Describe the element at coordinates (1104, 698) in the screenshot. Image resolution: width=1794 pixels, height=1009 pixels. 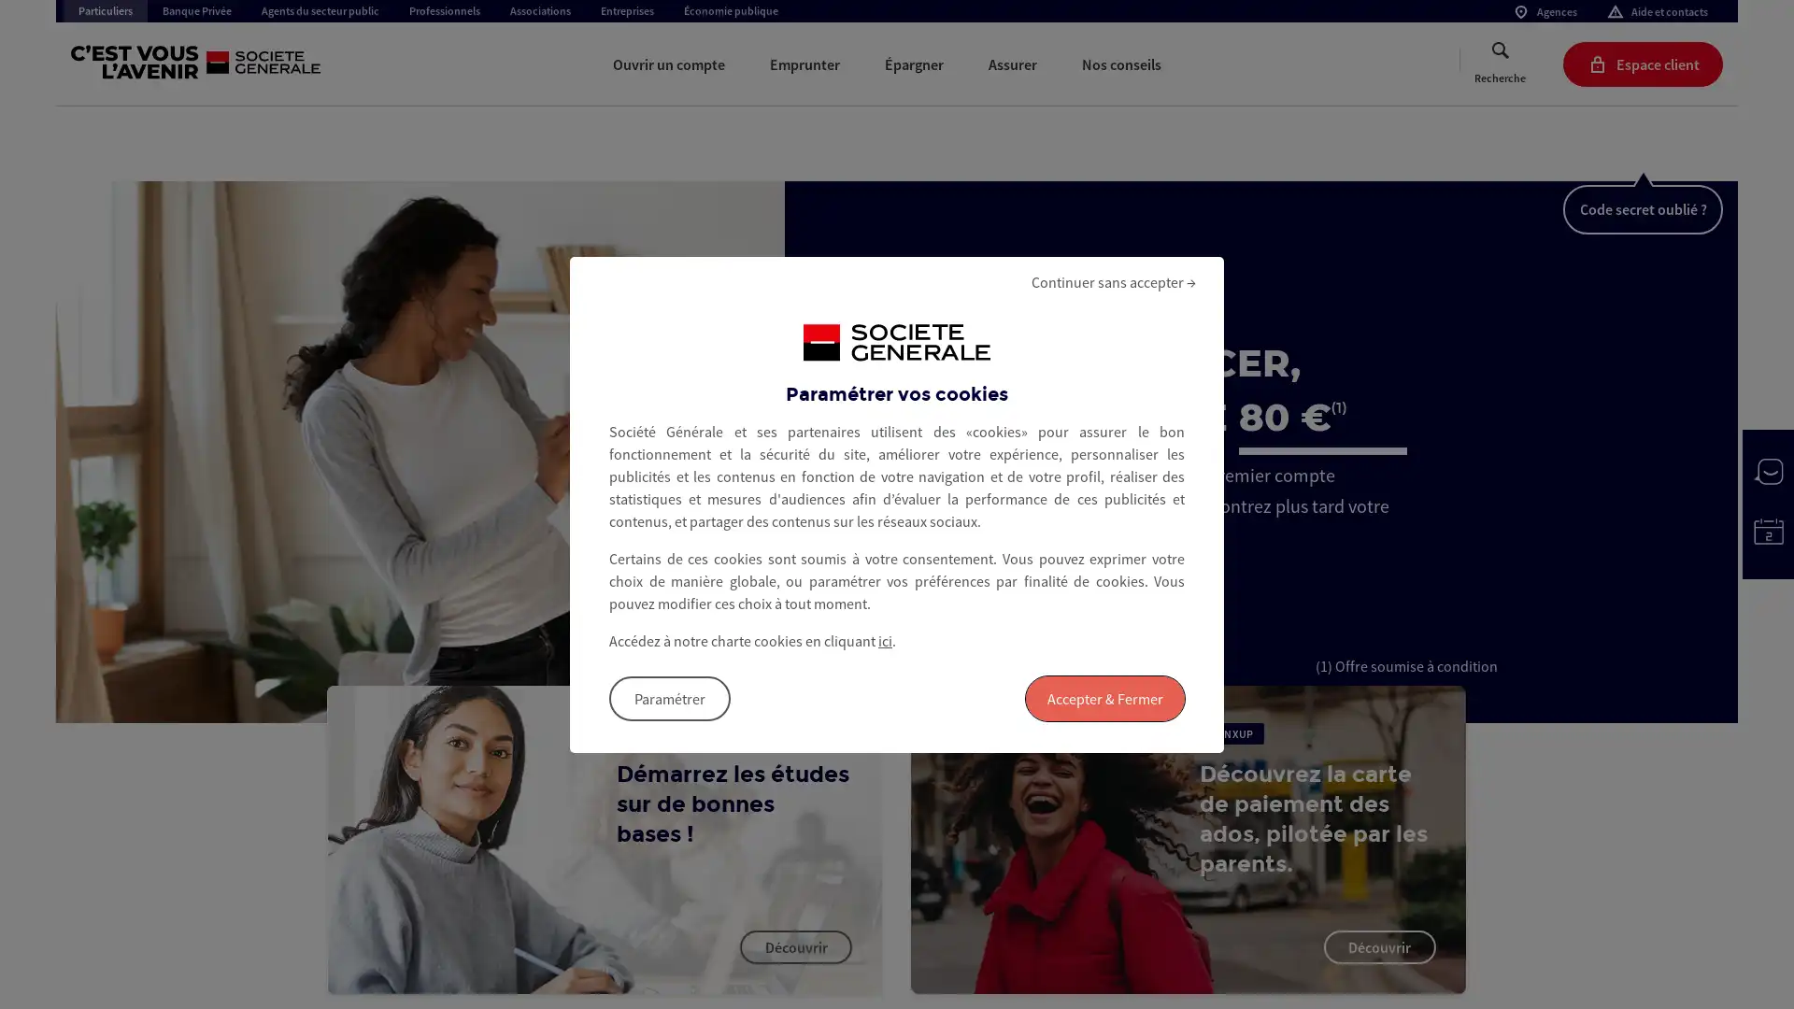
I see `Accepter & Fermer` at that location.